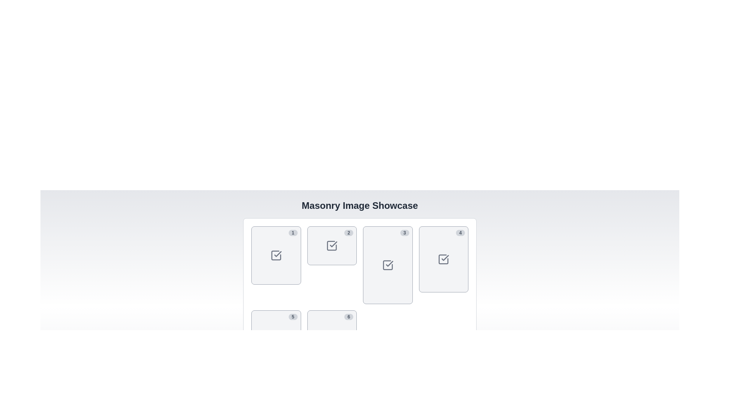  Describe the element at coordinates (388, 265) in the screenshot. I see `the checkbox with a gray outline and a checkmark symbol, which is the third element in a grid layout` at that location.